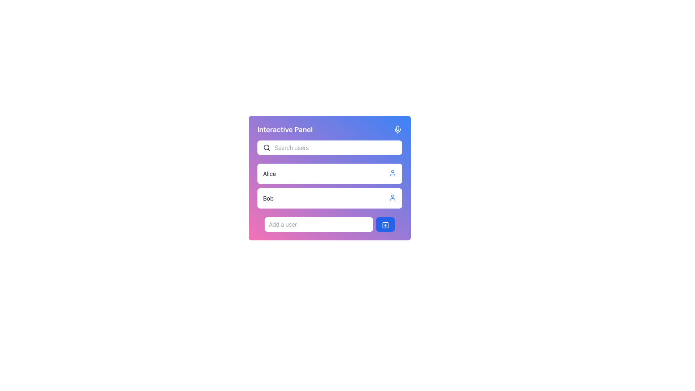  Describe the element at coordinates (329, 185) in the screenshot. I see `the List of structured containers arranged vertically` at that location.